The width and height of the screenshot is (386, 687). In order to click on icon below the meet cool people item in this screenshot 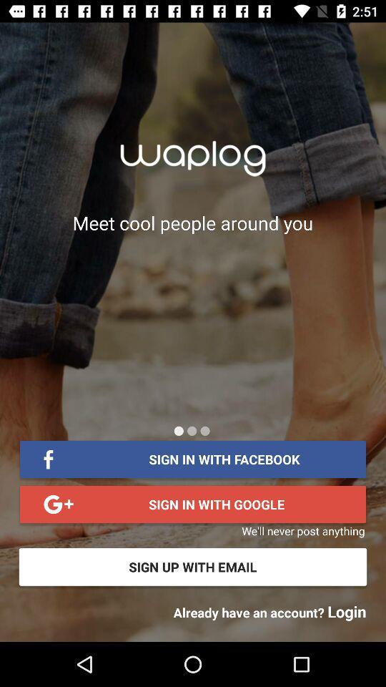, I will do `click(204, 430)`.